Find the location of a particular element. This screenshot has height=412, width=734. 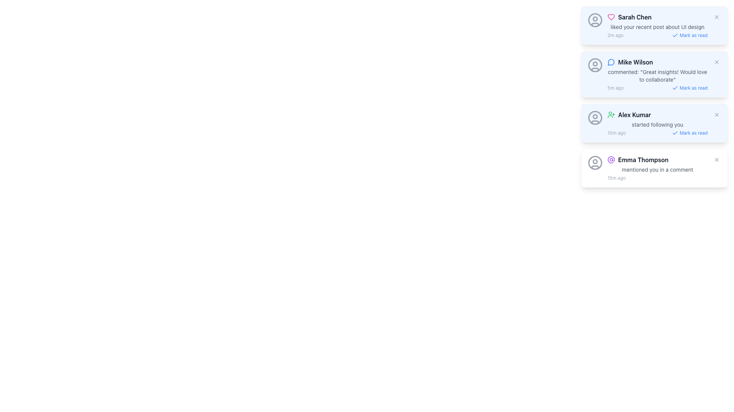

the blue checkmark icon within the notification card for 'Alex Kumar', which is marked 'Mark as read' is located at coordinates (675, 132).